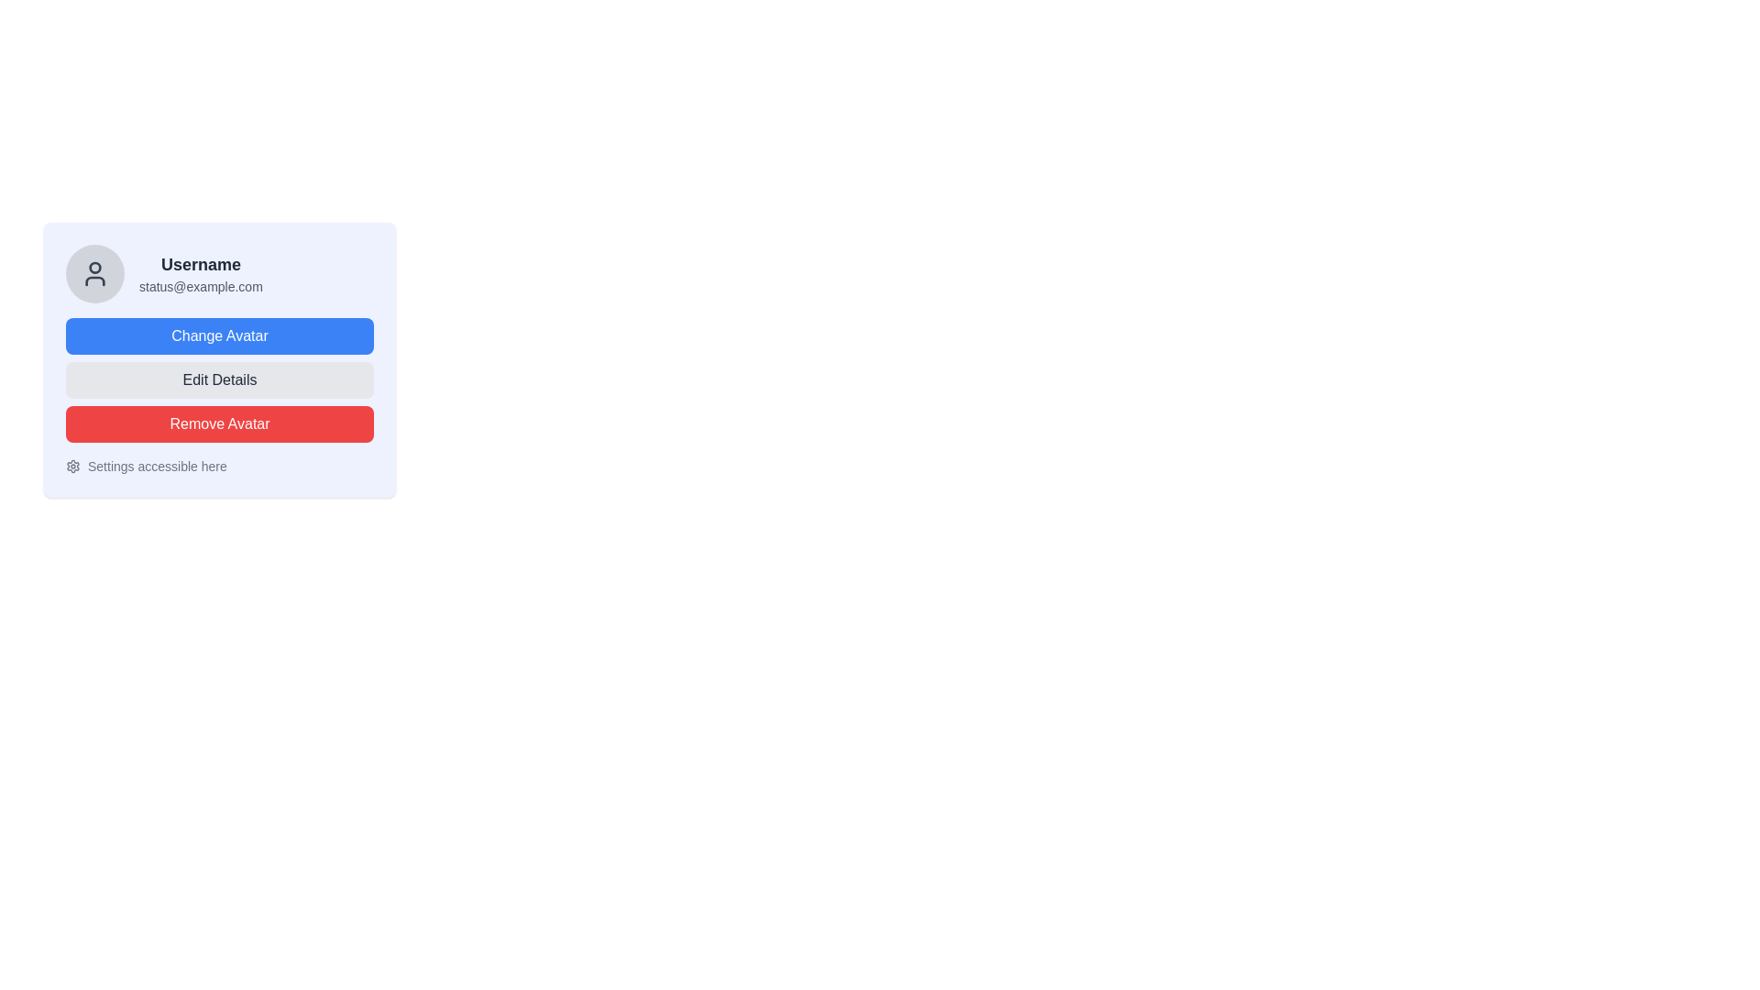  What do you see at coordinates (220, 379) in the screenshot?
I see `the 'Edit Details' button, which is the second button in a vertical stack of three buttons` at bounding box center [220, 379].